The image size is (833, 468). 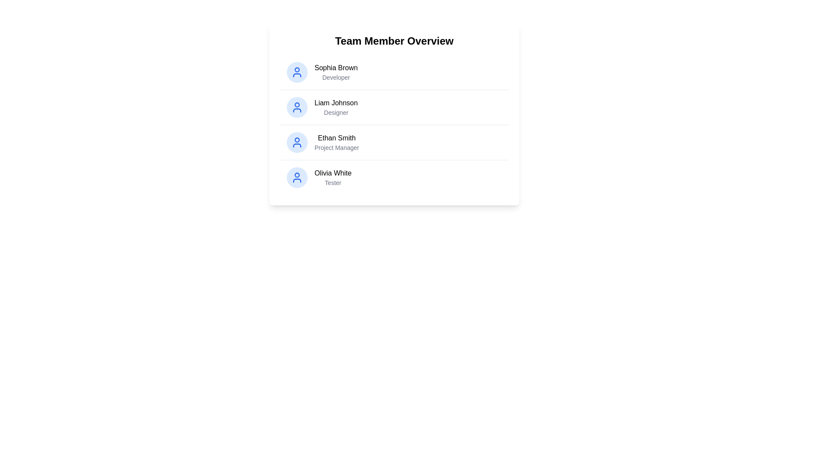 What do you see at coordinates (335, 68) in the screenshot?
I see `the static text label displaying 'Sophia Brown', which is the upper text in the first item of the team members list, styled to stand out from the lower grayed text 'Developer'` at bounding box center [335, 68].